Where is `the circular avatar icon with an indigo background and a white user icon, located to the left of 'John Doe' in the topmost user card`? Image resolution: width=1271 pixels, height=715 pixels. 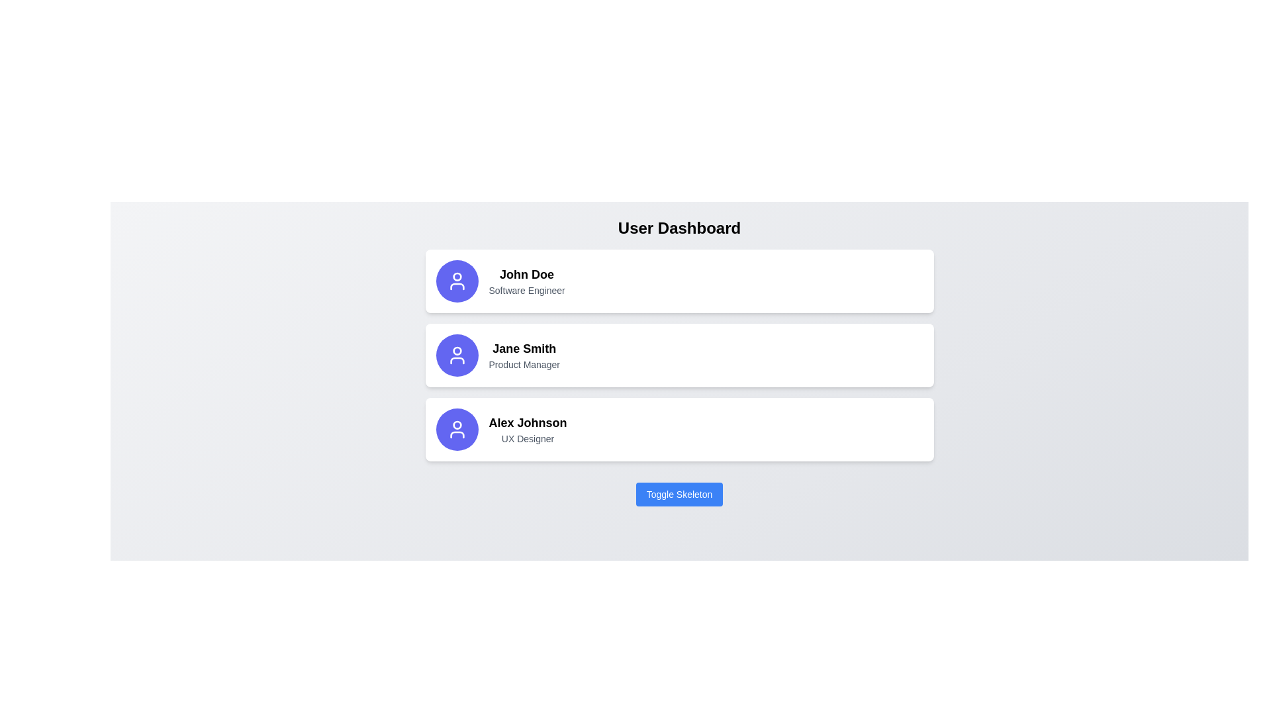 the circular avatar icon with an indigo background and a white user icon, located to the left of 'John Doe' in the topmost user card is located at coordinates (457, 280).